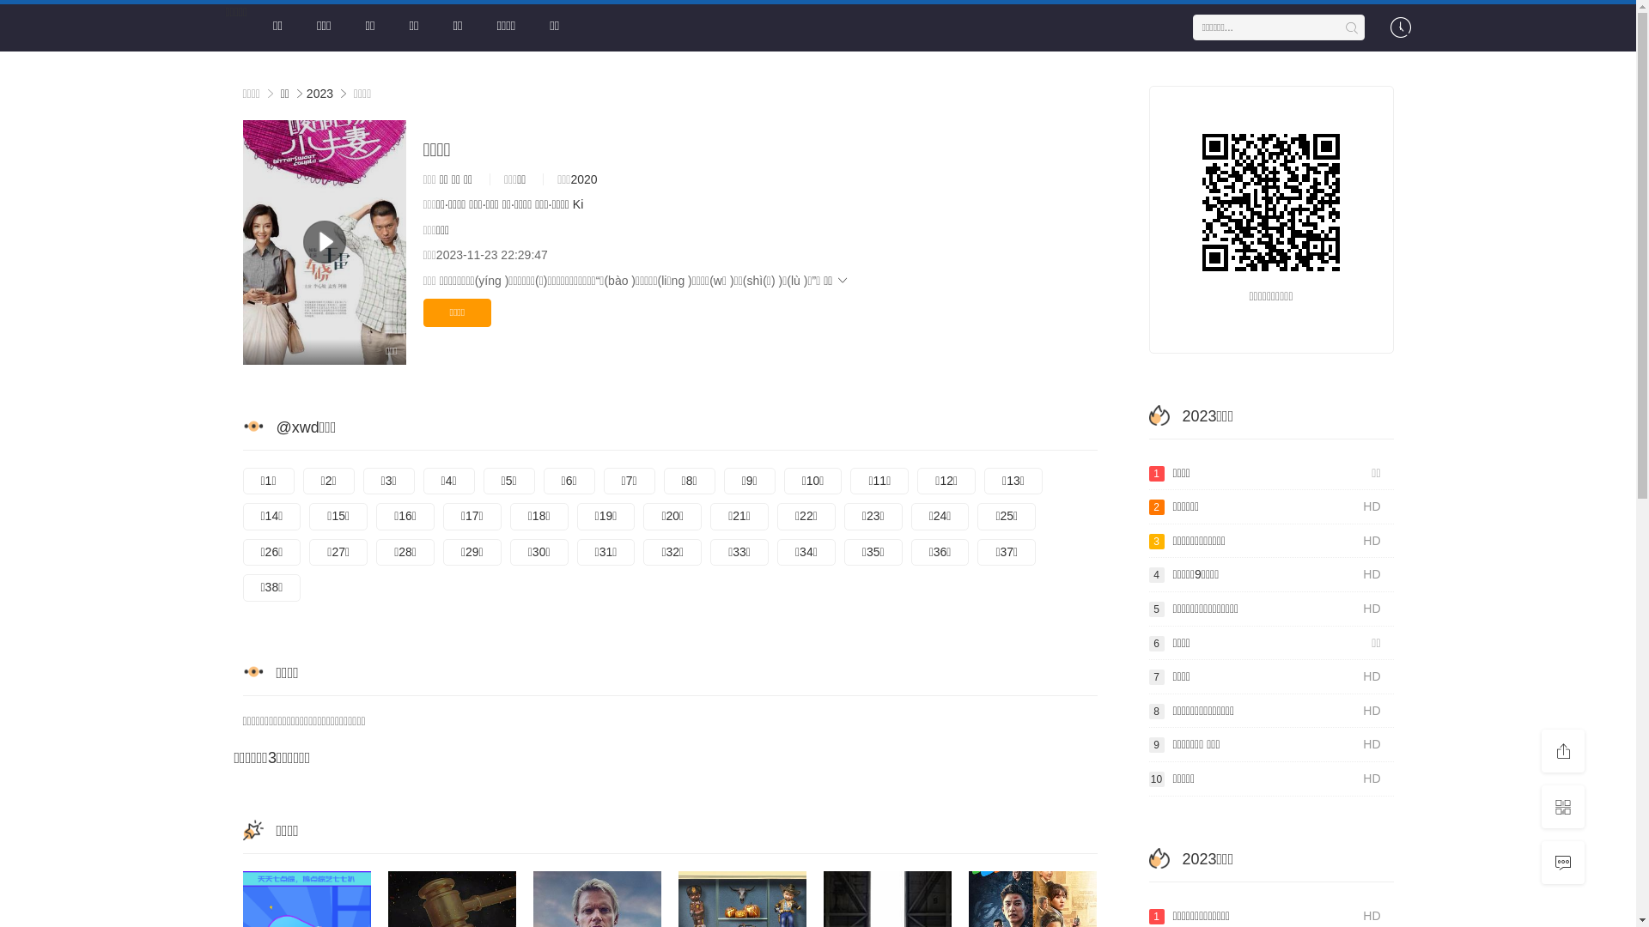 The width and height of the screenshot is (1649, 927). Describe the element at coordinates (569, 179) in the screenshot. I see `'2020'` at that location.